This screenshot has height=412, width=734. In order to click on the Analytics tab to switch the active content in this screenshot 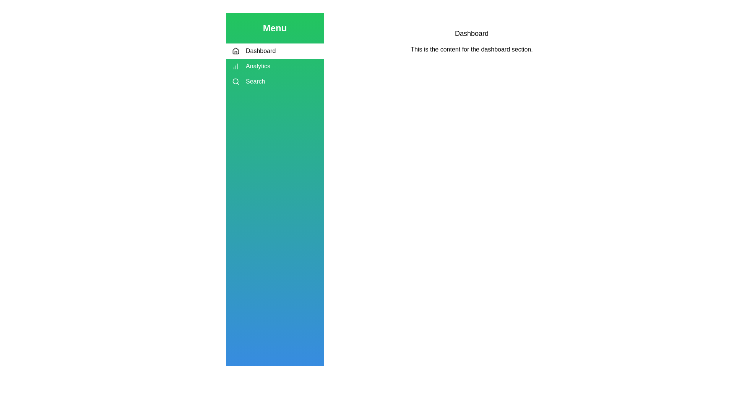, I will do `click(275, 66)`.